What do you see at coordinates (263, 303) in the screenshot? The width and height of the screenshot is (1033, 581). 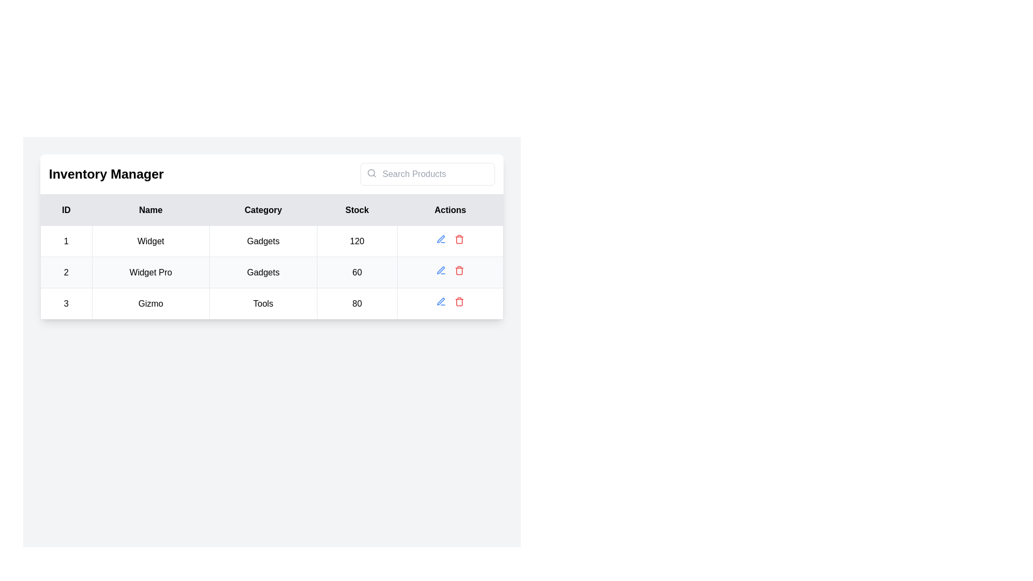 I see `the static text label displaying 'Tools' in the third cell of the table under the 'Category' column` at bounding box center [263, 303].